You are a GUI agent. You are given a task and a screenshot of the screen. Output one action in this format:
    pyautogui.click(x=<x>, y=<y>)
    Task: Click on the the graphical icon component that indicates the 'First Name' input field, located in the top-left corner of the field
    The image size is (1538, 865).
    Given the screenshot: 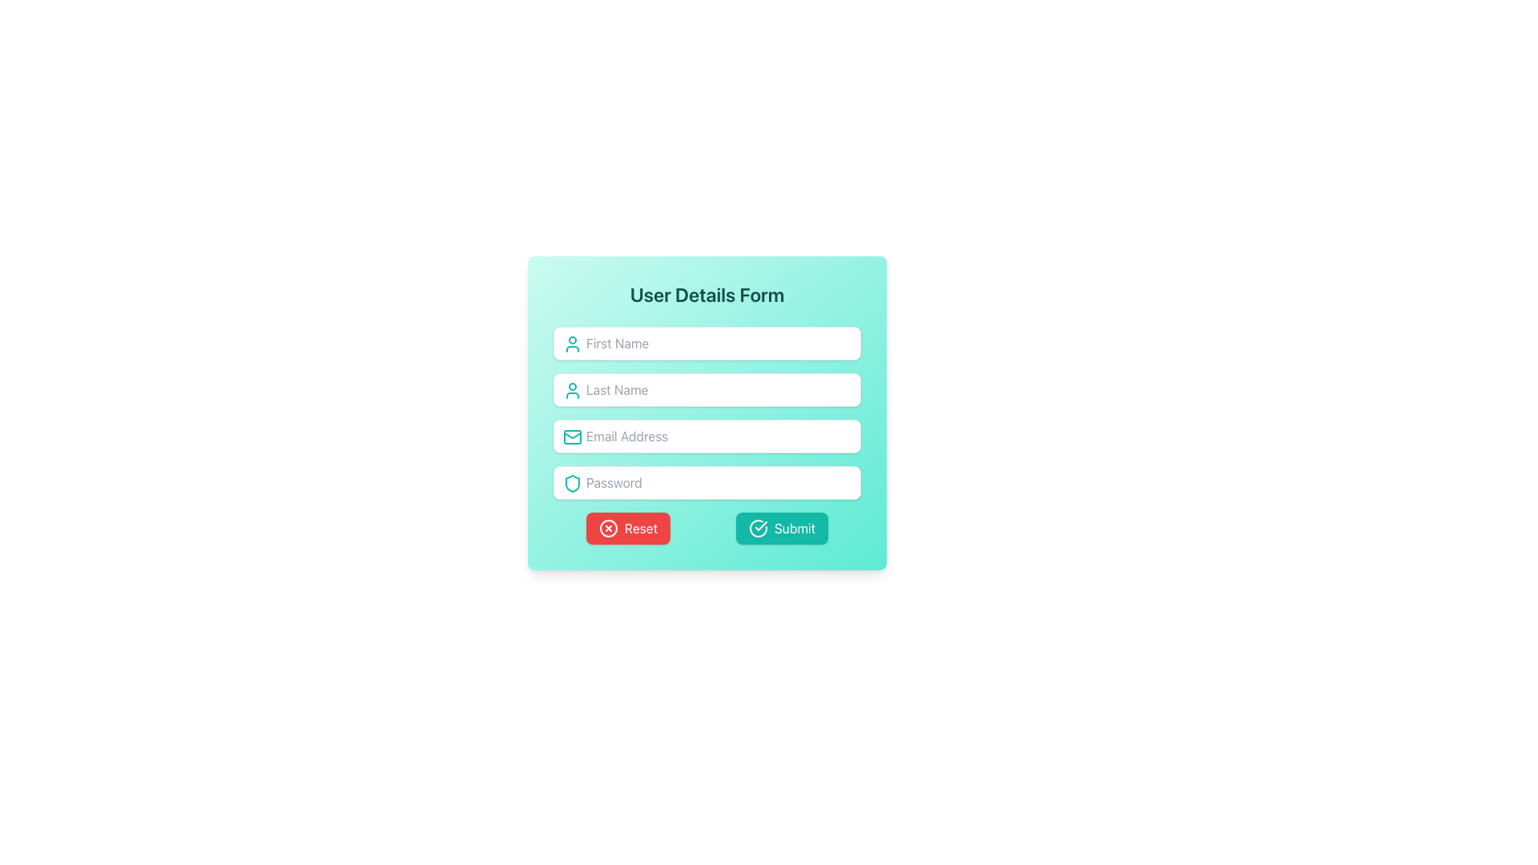 What is the action you would take?
    pyautogui.click(x=573, y=343)
    